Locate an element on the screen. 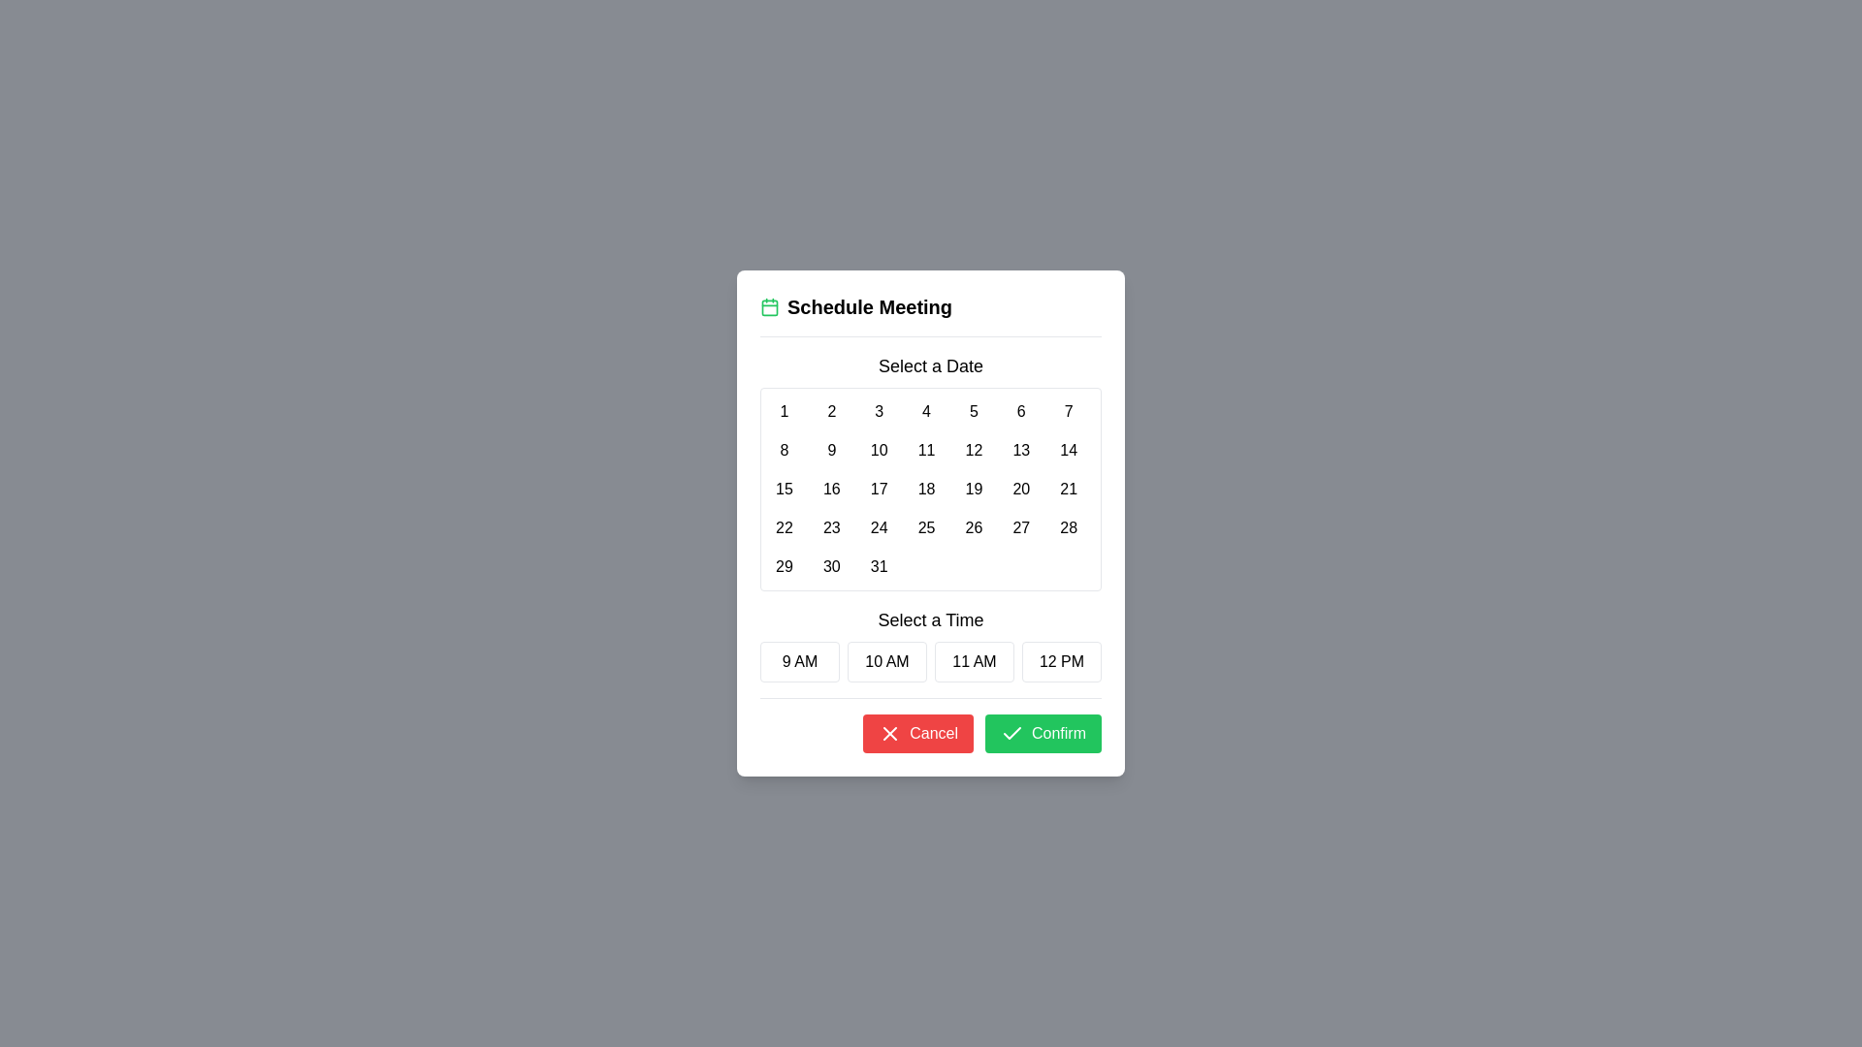 The width and height of the screenshot is (1862, 1047). the square button displaying the number '1' with a white background is located at coordinates (785, 410).